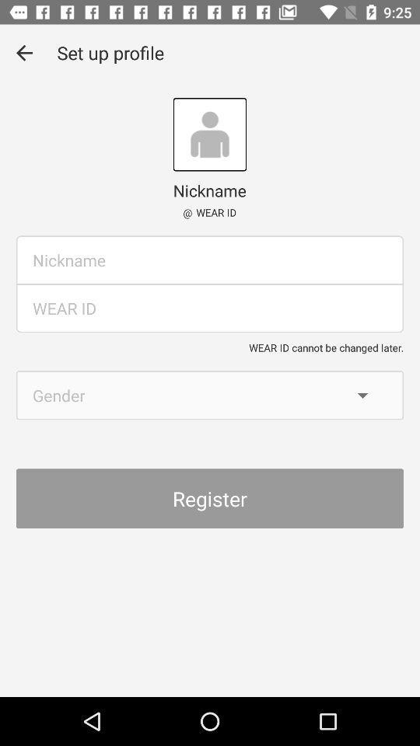 The width and height of the screenshot is (420, 746). What do you see at coordinates (210, 260) in the screenshot?
I see `text` at bounding box center [210, 260].